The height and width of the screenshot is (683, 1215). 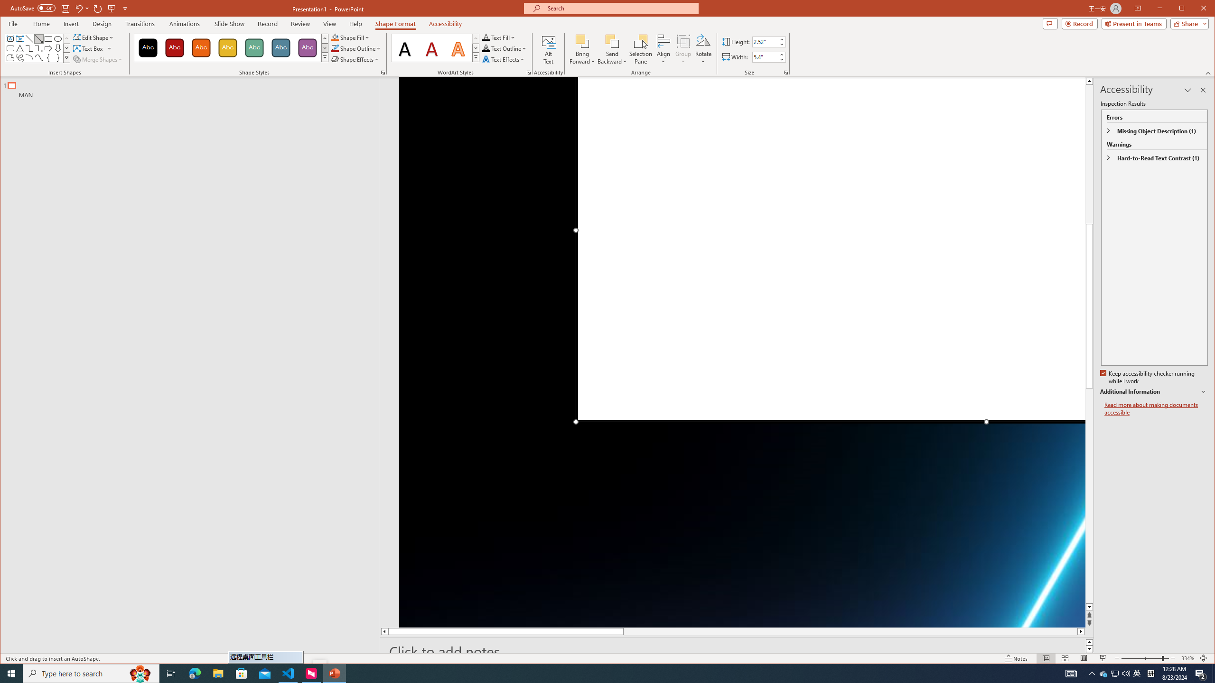 What do you see at coordinates (765, 56) in the screenshot?
I see `'Shape Width'` at bounding box center [765, 56].